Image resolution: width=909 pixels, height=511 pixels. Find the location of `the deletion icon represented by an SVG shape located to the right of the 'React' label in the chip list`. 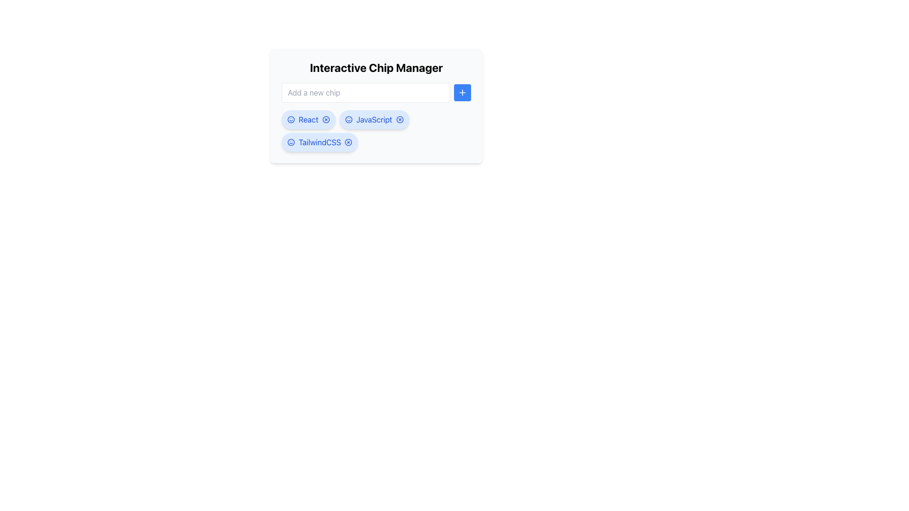

the deletion icon represented by an SVG shape located to the right of the 'React' label in the chip list is located at coordinates (326, 119).